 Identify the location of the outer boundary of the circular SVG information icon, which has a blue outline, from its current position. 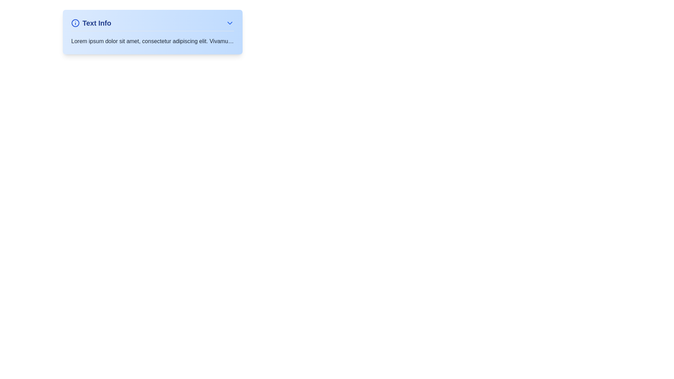
(75, 22).